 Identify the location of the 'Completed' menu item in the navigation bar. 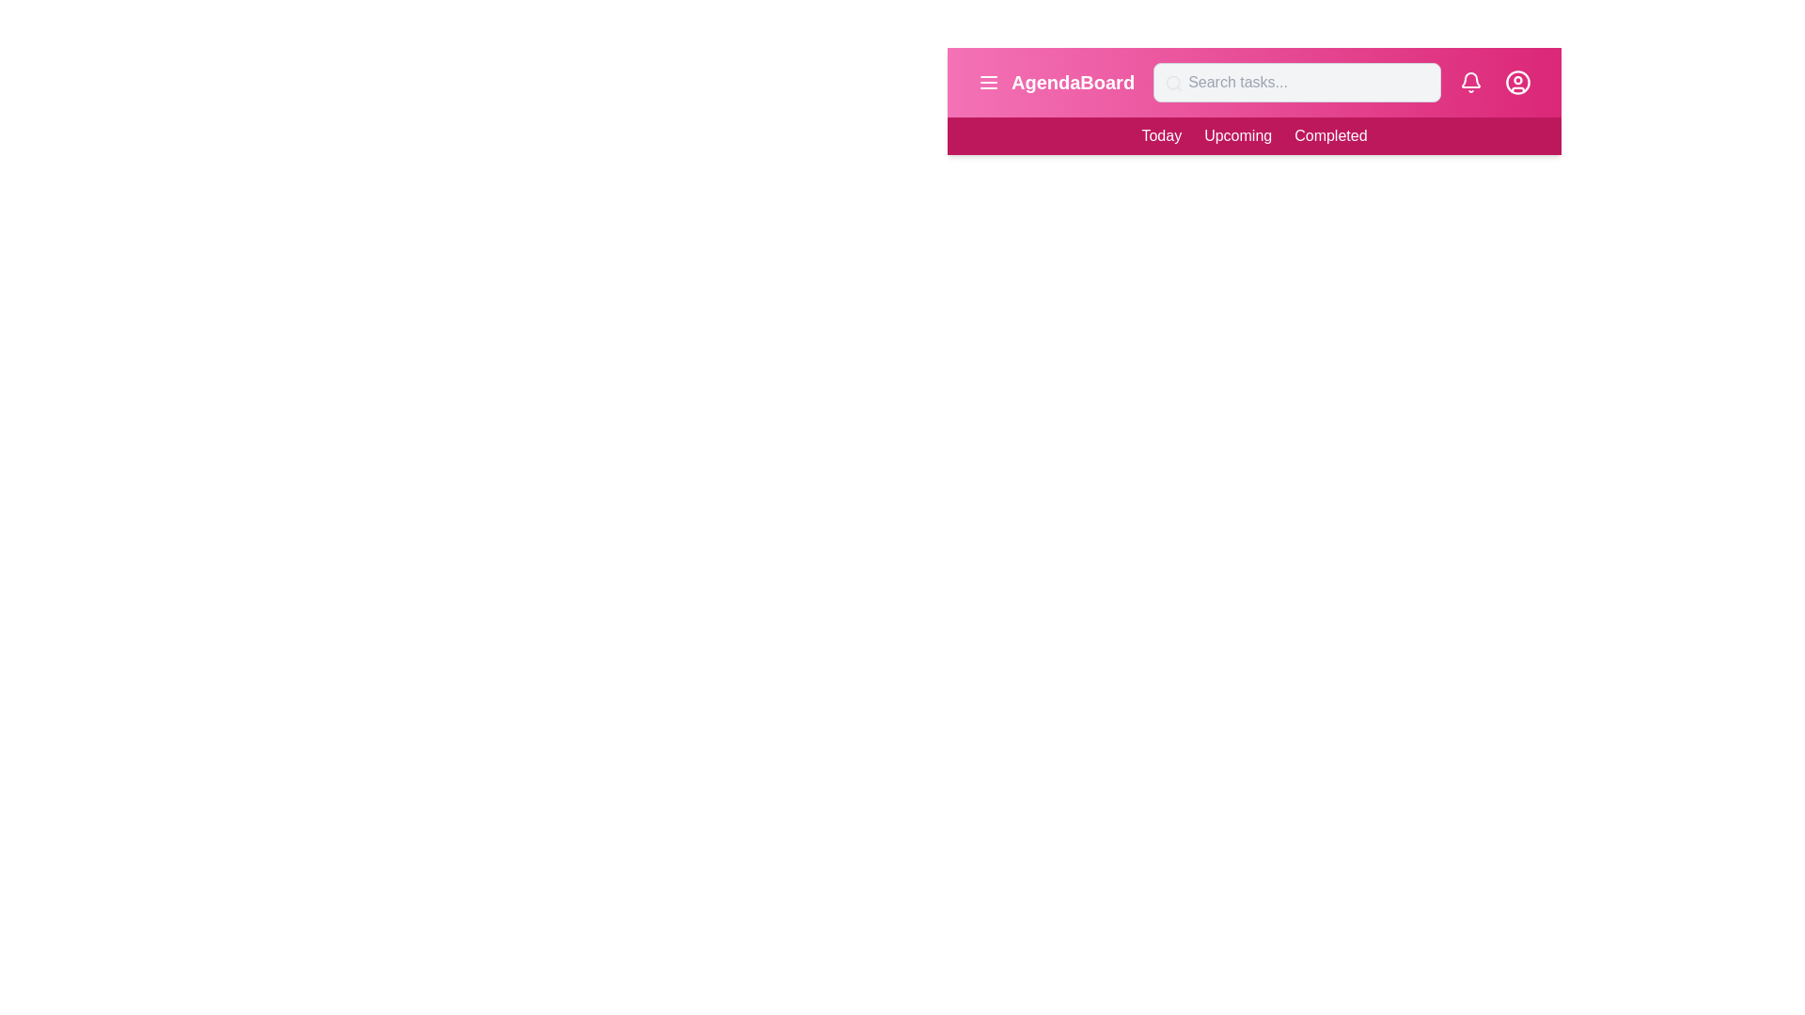
(1329, 135).